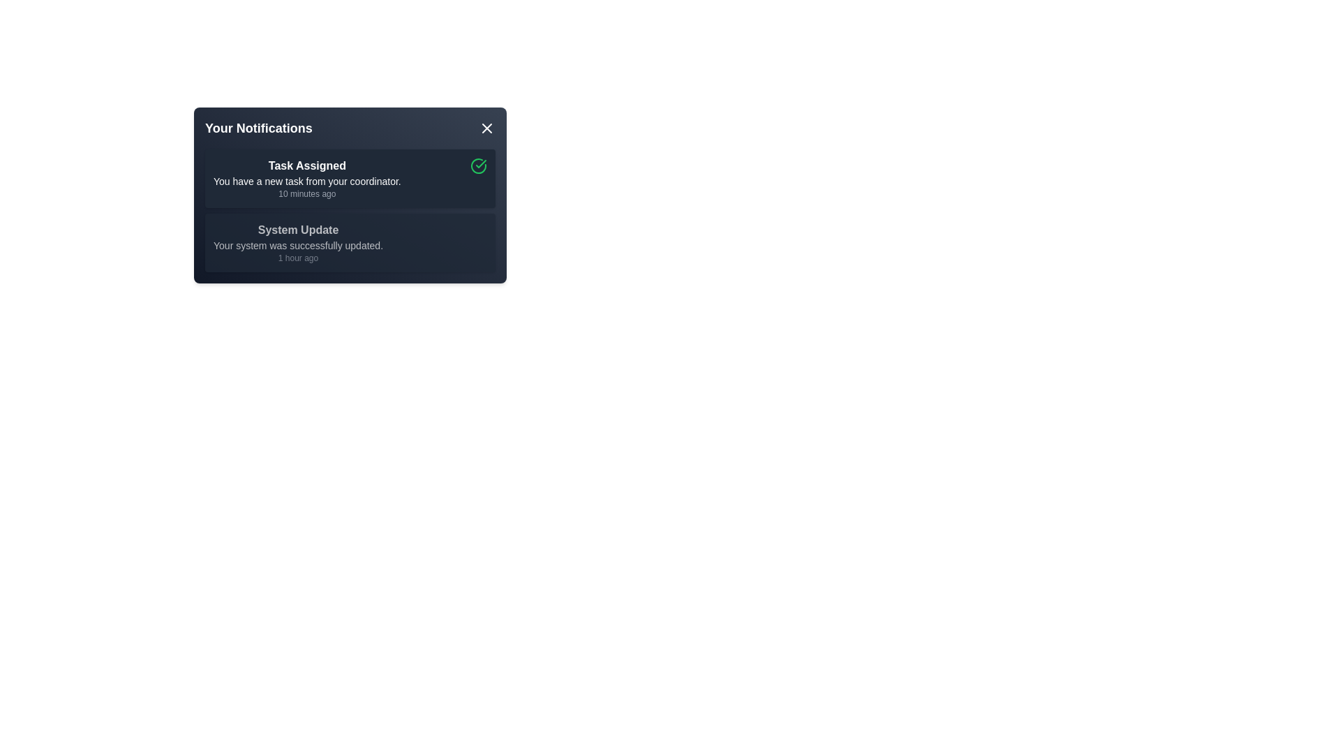 The image size is (1340, 754). What do you see at coordinates (486, 128) in the screenshot?
I see `the Close Icon (an 'X' symbol formed by two diagonal lines)` at bounding box center [486, 128].